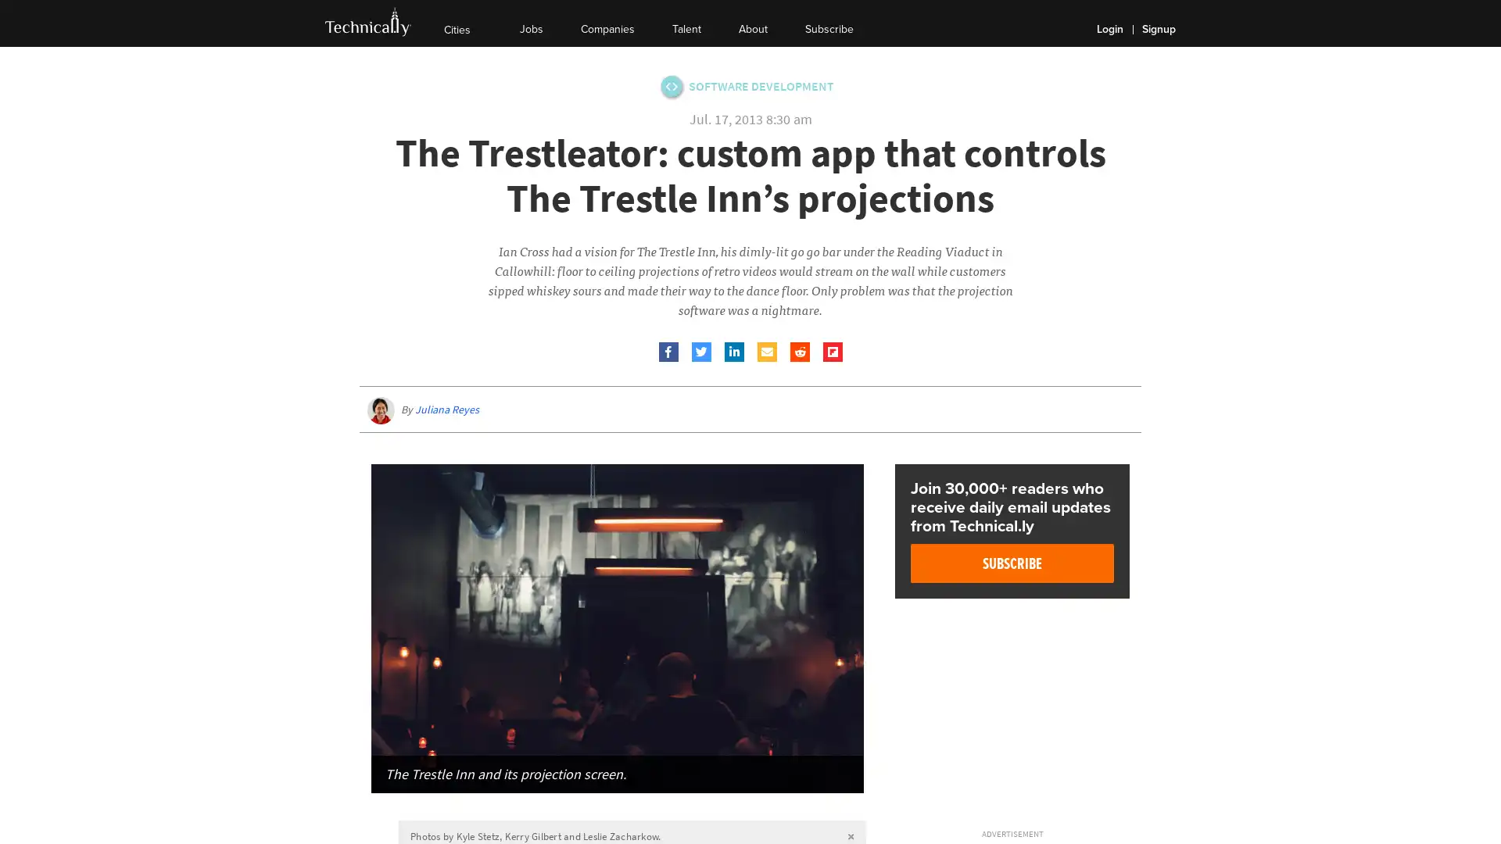 The width and height of the screenshot is (1501, 844). I want to click on Close, so click(1039, 807).